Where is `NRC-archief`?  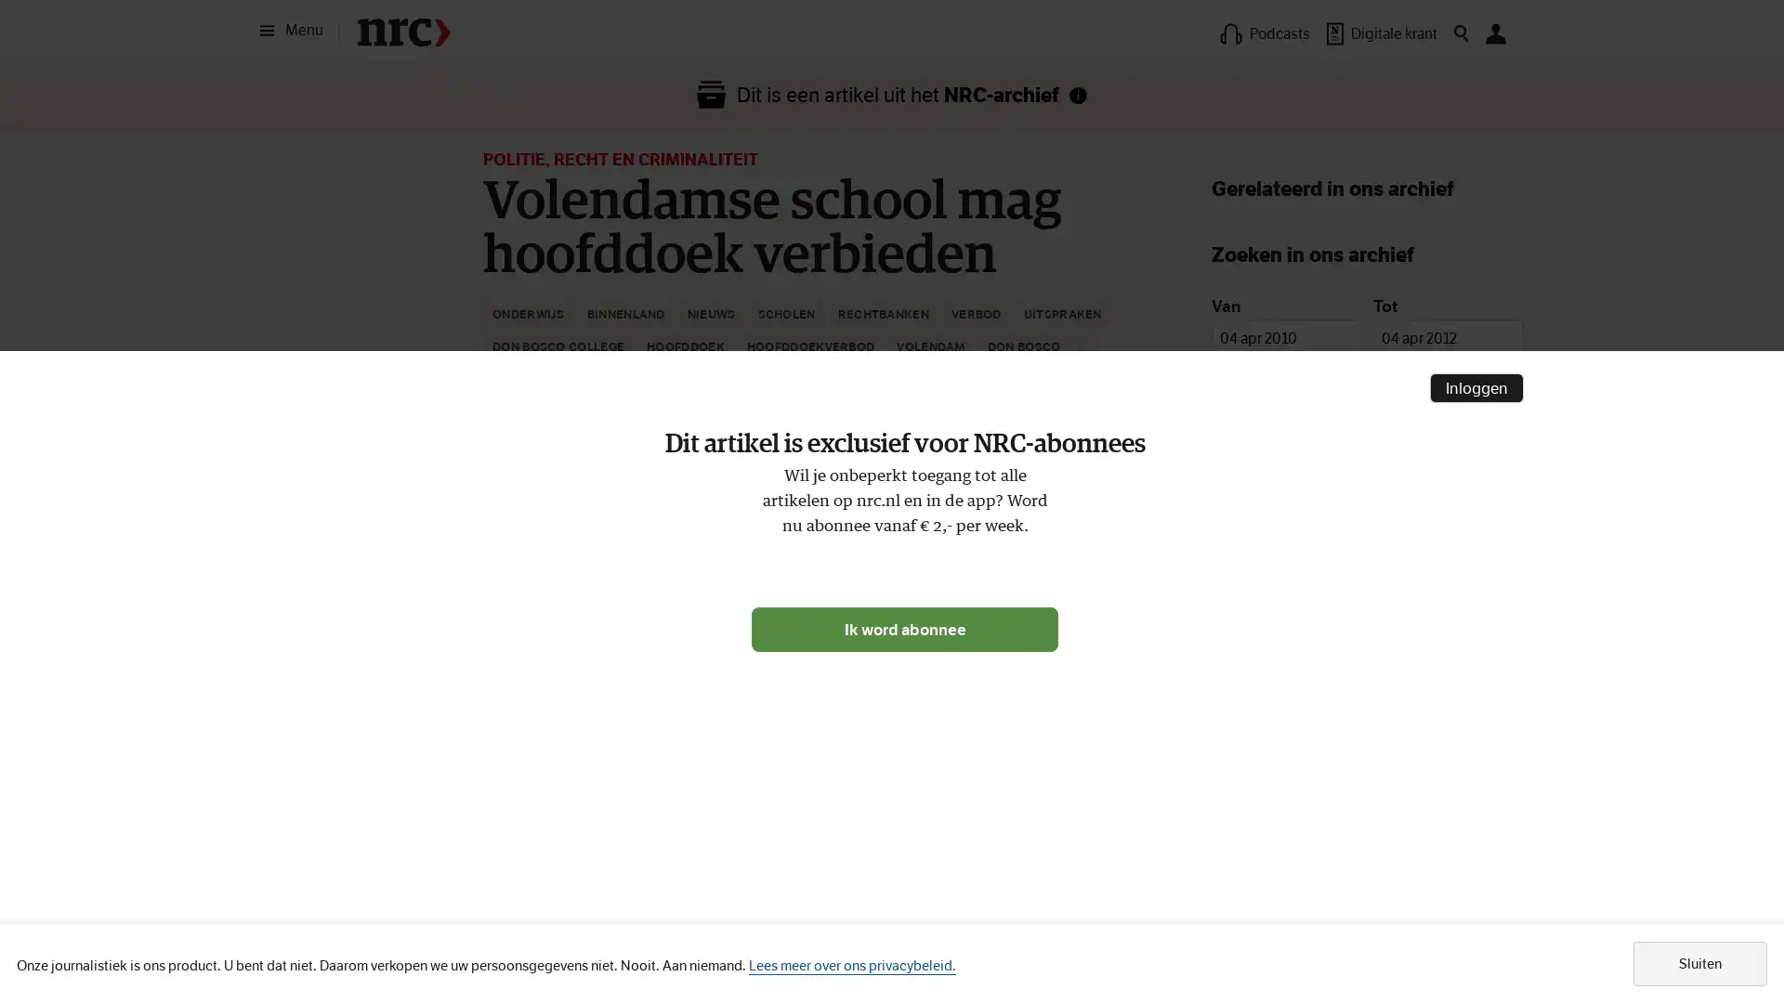 NRC-archief is located at coordinates (1078, 95).